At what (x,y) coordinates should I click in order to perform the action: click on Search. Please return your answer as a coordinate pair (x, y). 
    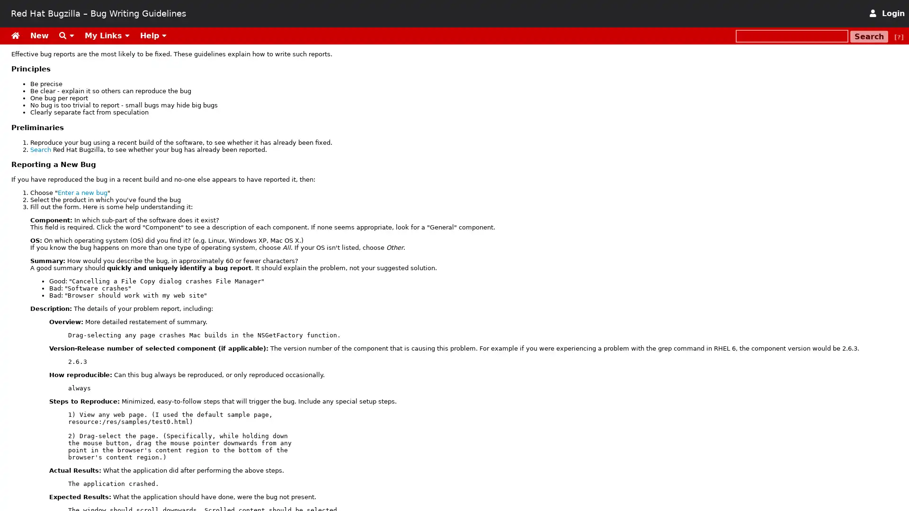
    Looking at the image, I should click on (869, 36).